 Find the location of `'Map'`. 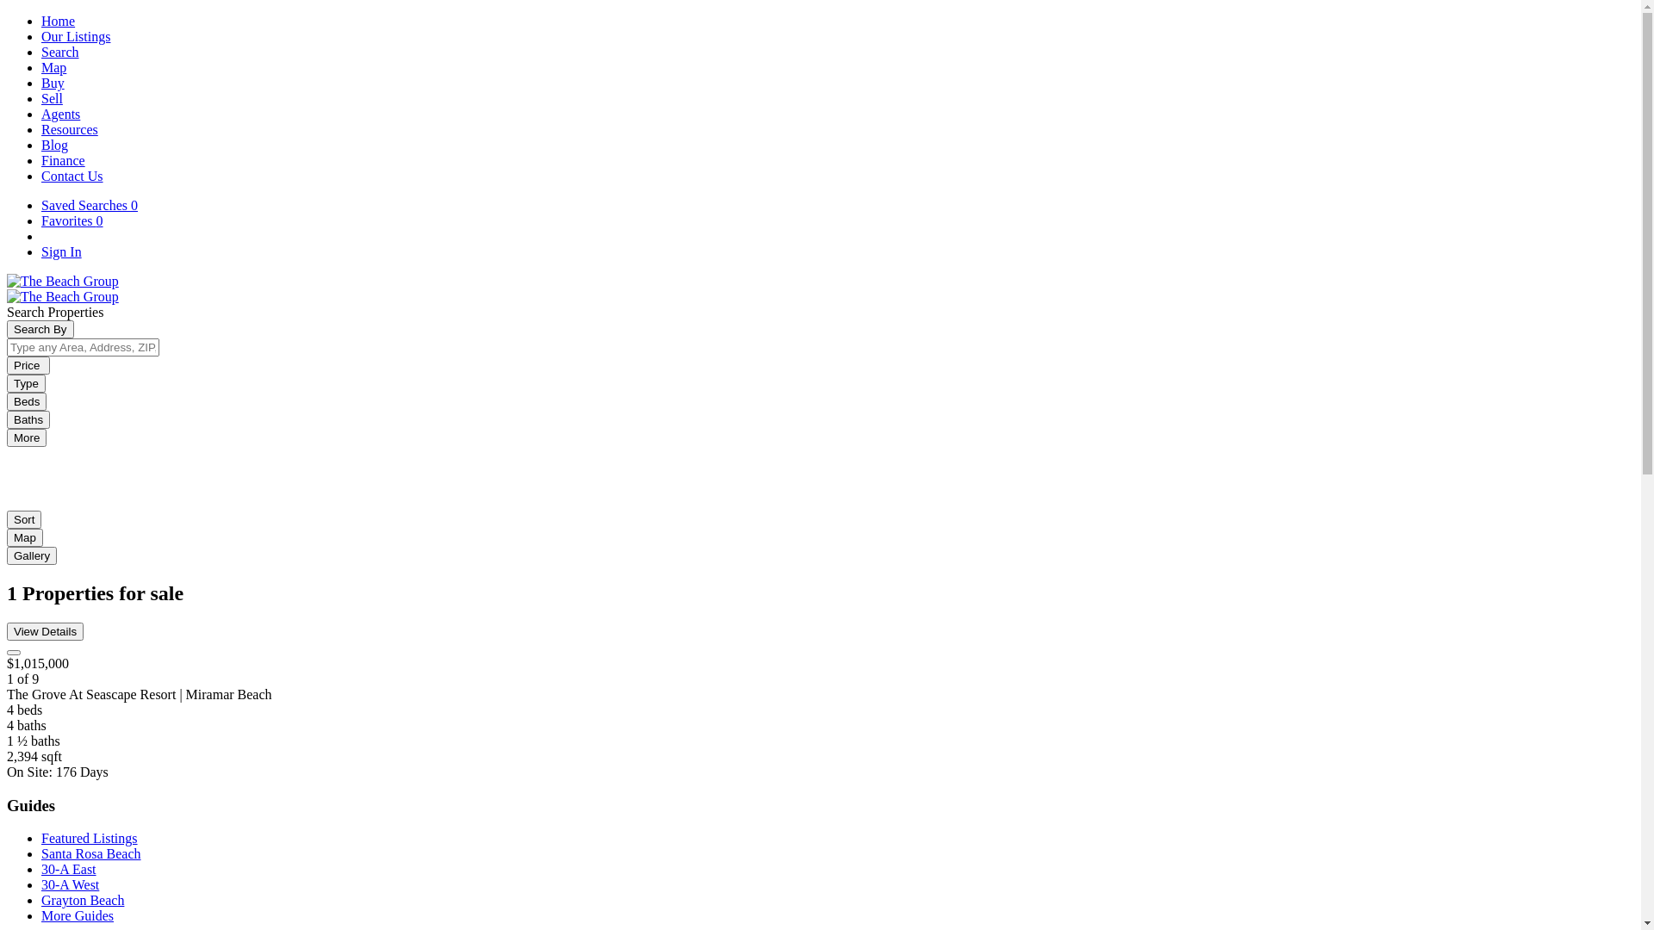

'Map' is located at coordinates (24, 536).